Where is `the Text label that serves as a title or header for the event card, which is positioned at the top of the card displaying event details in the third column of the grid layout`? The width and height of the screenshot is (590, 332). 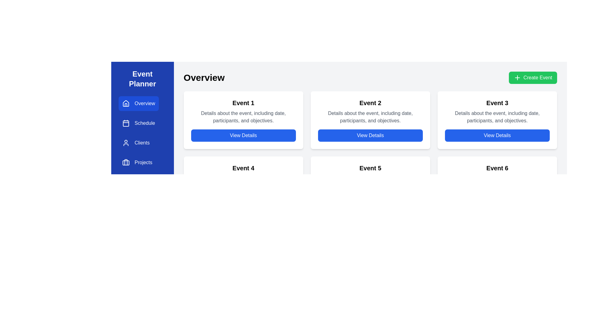
the Text label that serves as a title or header for the event card, which is positioned at the top of the card displaying event details in the third column of the grid layout is located at coordinates (497, 103).